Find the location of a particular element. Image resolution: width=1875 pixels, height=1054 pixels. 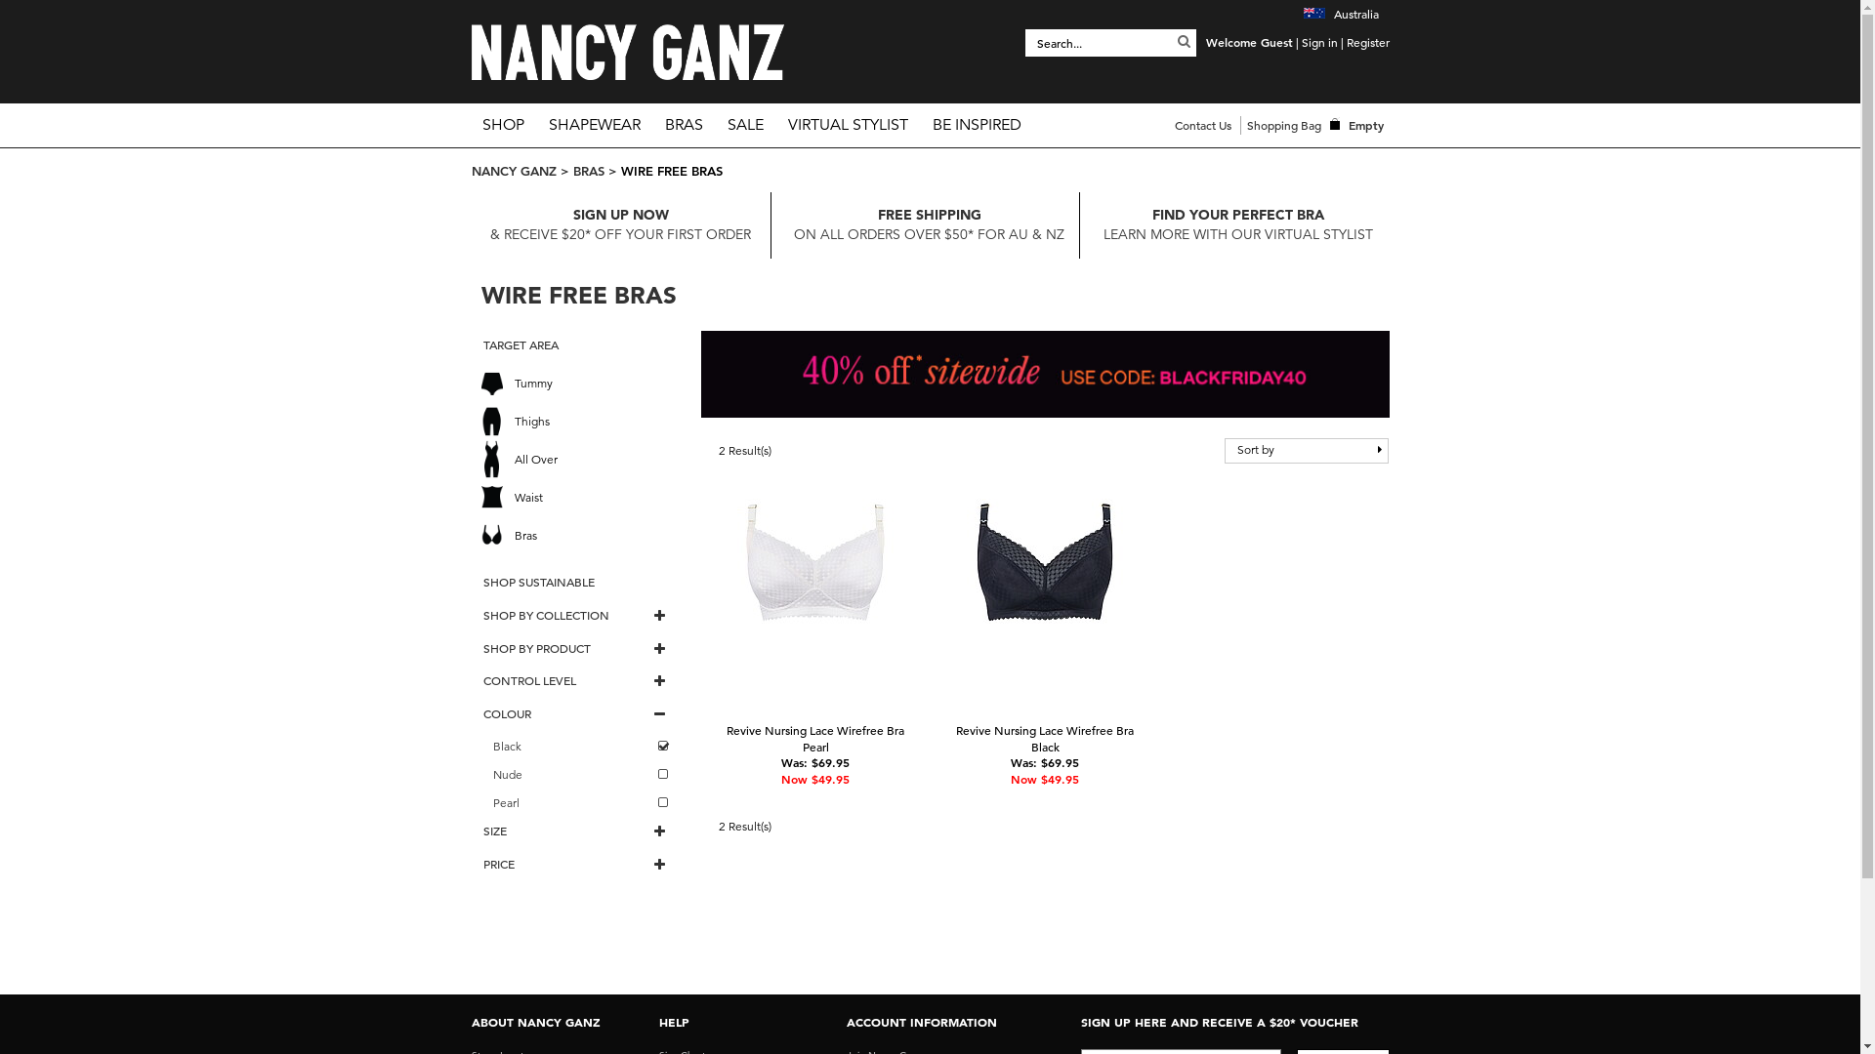

'SHOP' is located at coordinates (502, 124).